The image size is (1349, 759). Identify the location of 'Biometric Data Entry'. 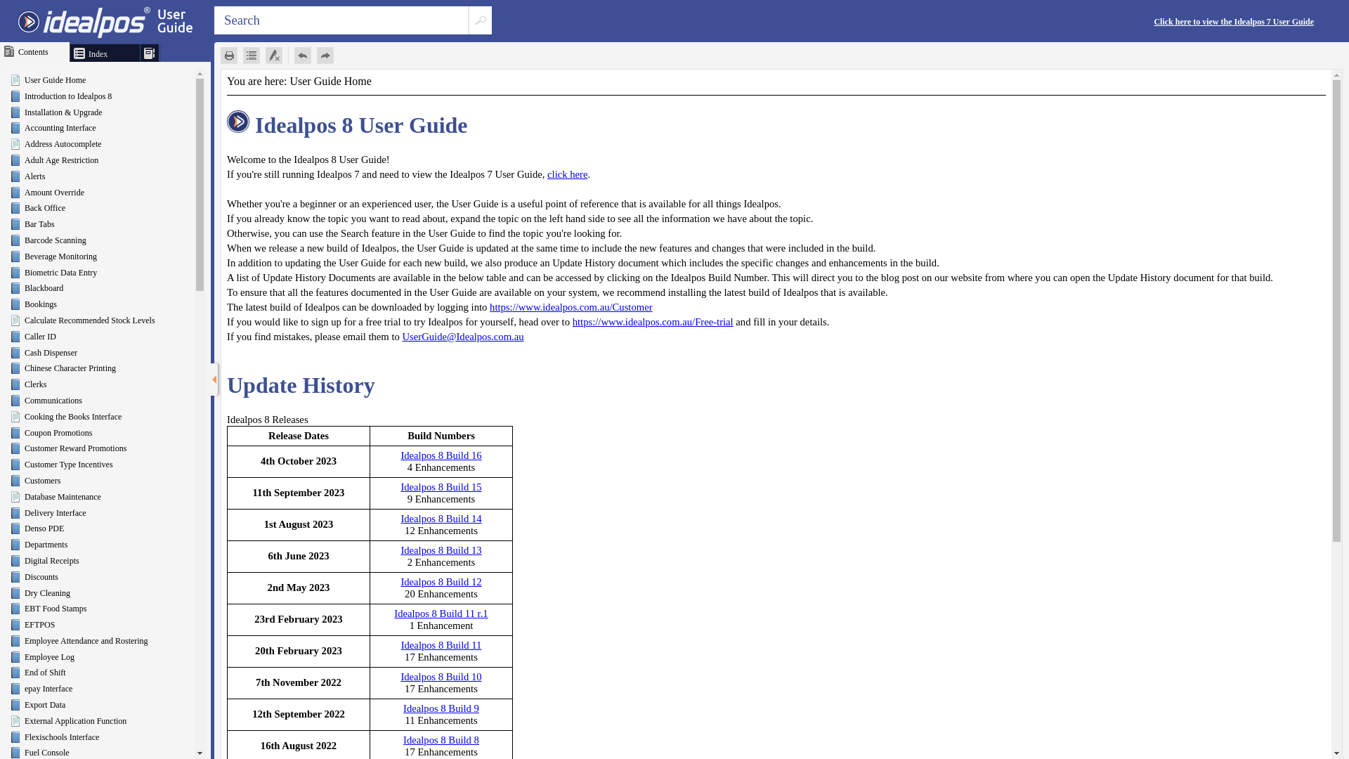
(60, 273).